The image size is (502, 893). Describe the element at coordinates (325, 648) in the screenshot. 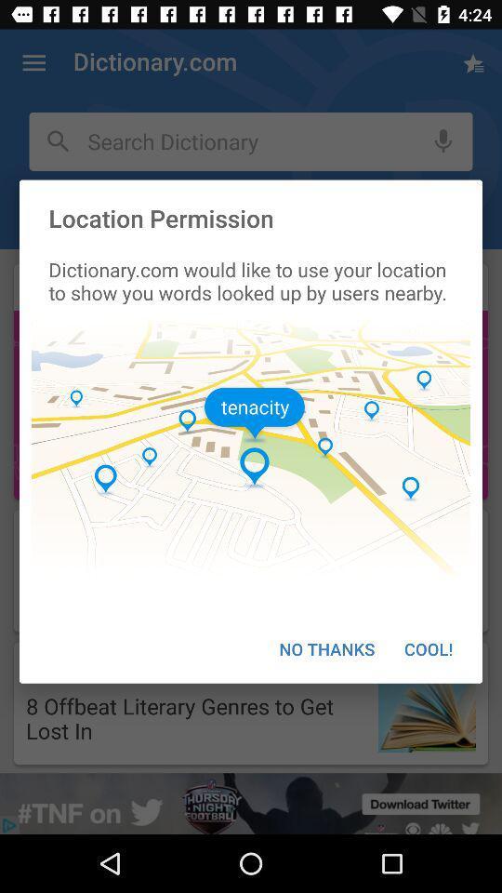

I see `the no thanks` at that location.